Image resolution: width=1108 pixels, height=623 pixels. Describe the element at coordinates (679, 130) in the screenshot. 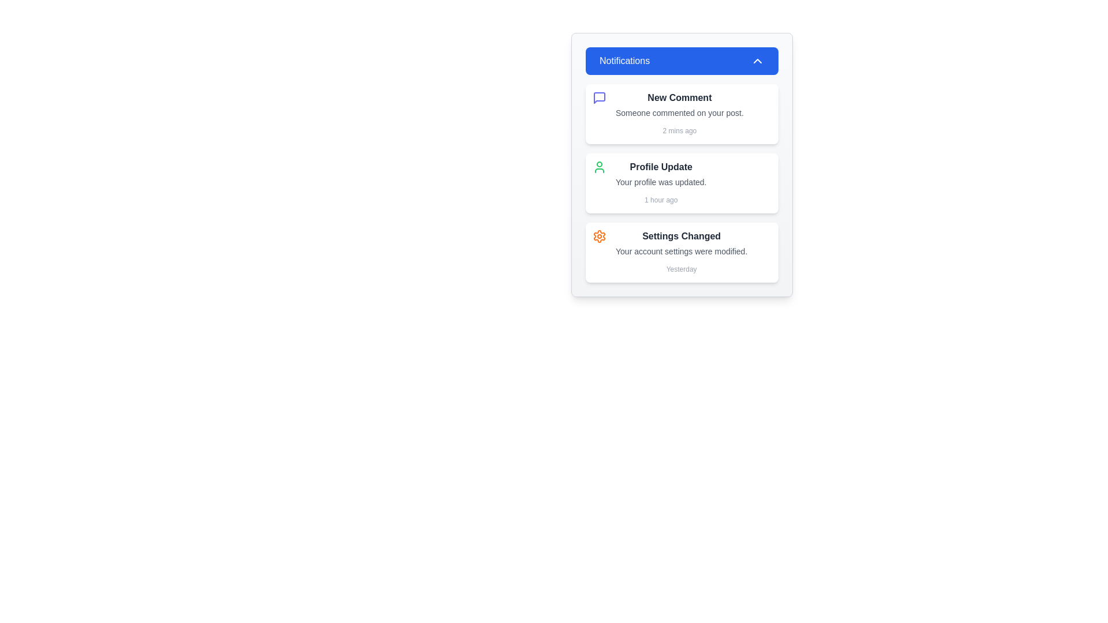

I see `the Text label displaying the elapsed time for the notification titled 'New Comment' with the description 'Someone commented on your post.'` at that location.